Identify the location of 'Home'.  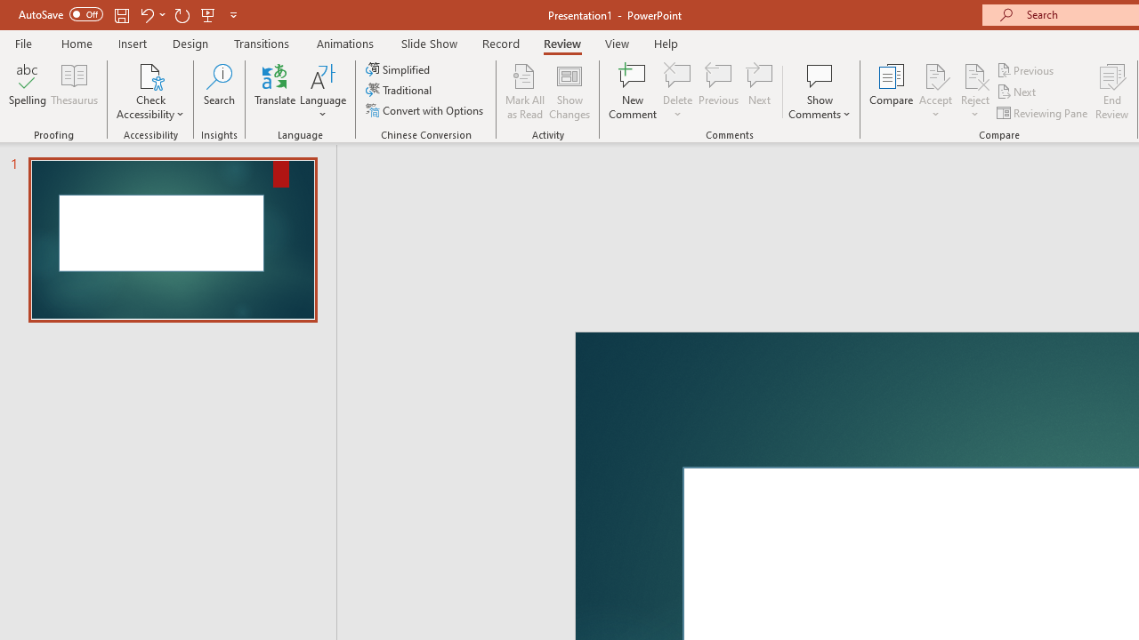
(76, 43).